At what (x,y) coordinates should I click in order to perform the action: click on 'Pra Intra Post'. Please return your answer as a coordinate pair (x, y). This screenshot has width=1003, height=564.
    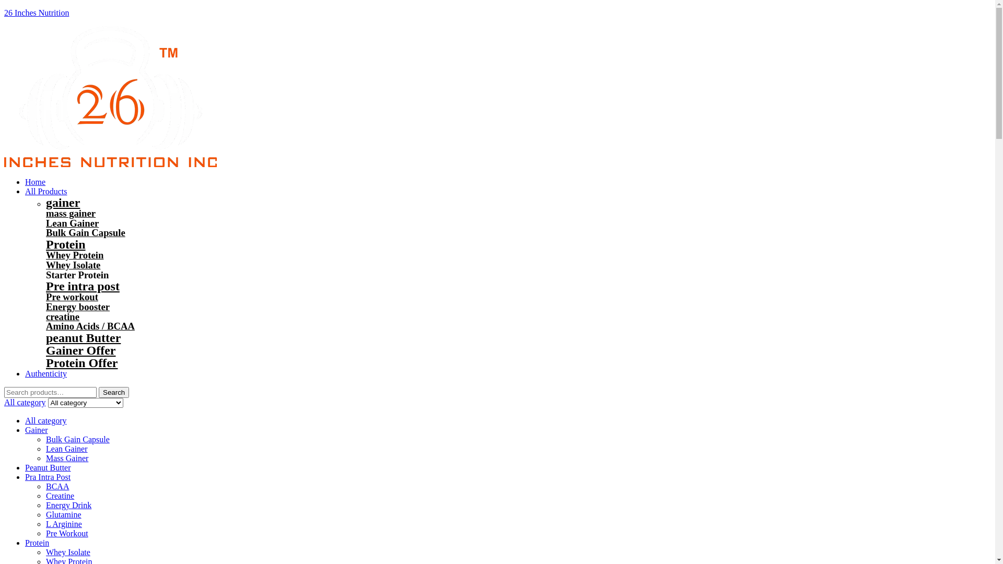
    Looking at the image, I should click on (47, 477).